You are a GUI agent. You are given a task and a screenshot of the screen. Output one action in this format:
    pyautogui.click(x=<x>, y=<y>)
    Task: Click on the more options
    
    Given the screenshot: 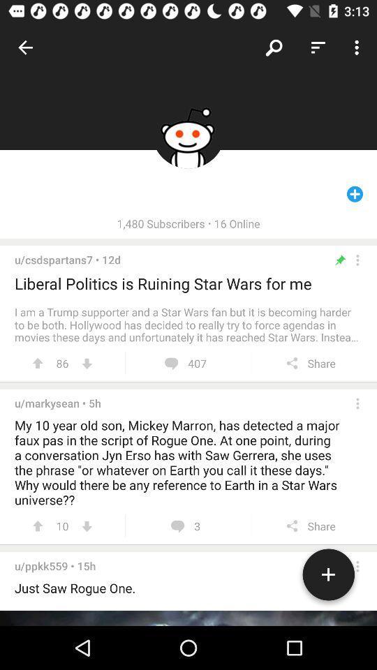 What is the action you would take?
    pyautogui.click(x=357, y=259)
    